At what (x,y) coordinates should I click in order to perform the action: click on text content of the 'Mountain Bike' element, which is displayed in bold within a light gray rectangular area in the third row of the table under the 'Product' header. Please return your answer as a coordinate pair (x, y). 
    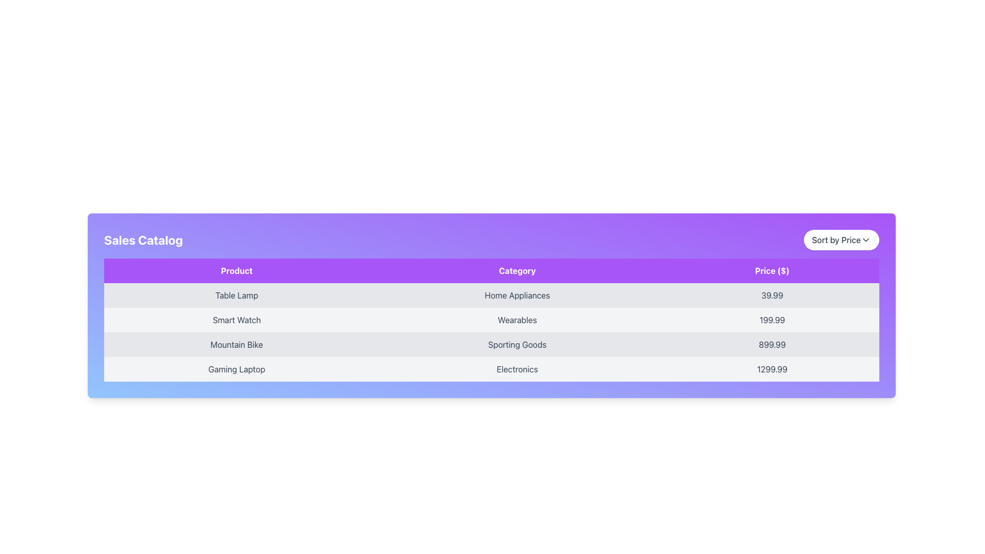
    Looking at the image, I should click on (236, 344).